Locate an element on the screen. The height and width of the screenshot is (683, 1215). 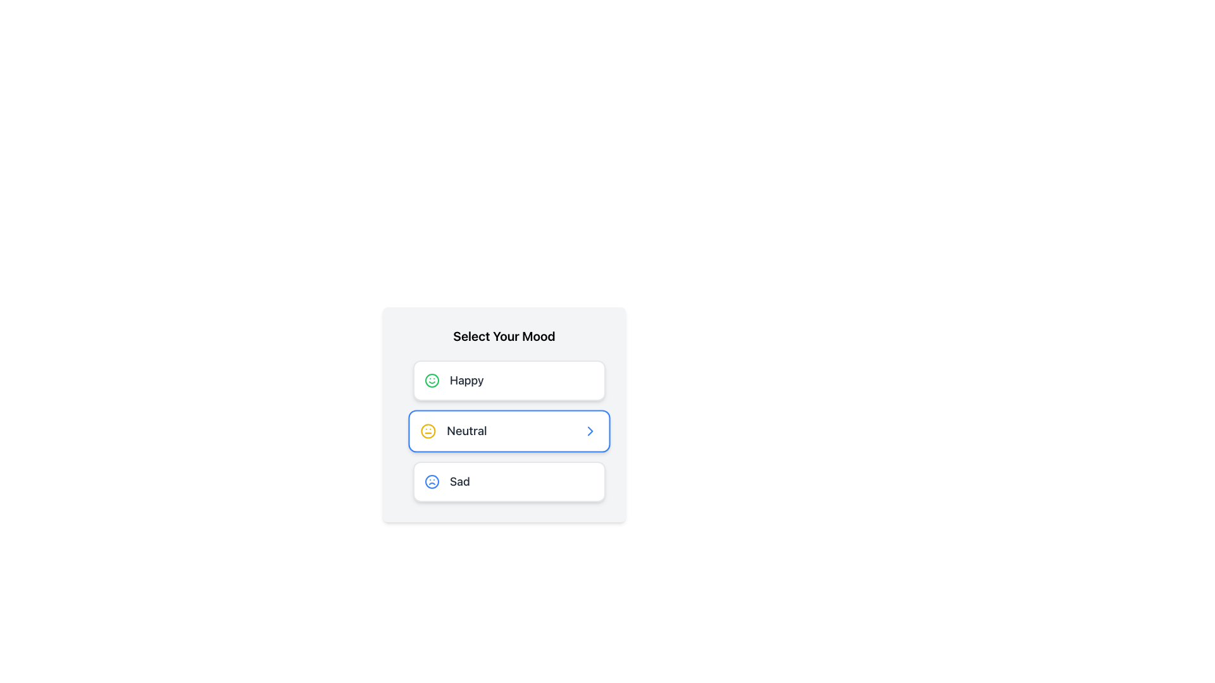
the 'Sad' mood selectable button located within the 'Select Your Mood' card is located at coordinates (503, 482).